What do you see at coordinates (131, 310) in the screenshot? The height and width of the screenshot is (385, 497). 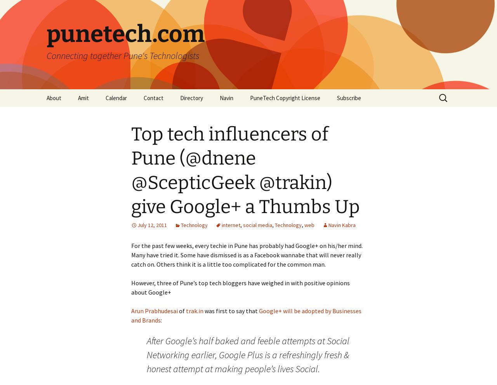 I see `'Arun Prabhudesai'` at bounding box center [131, 310].